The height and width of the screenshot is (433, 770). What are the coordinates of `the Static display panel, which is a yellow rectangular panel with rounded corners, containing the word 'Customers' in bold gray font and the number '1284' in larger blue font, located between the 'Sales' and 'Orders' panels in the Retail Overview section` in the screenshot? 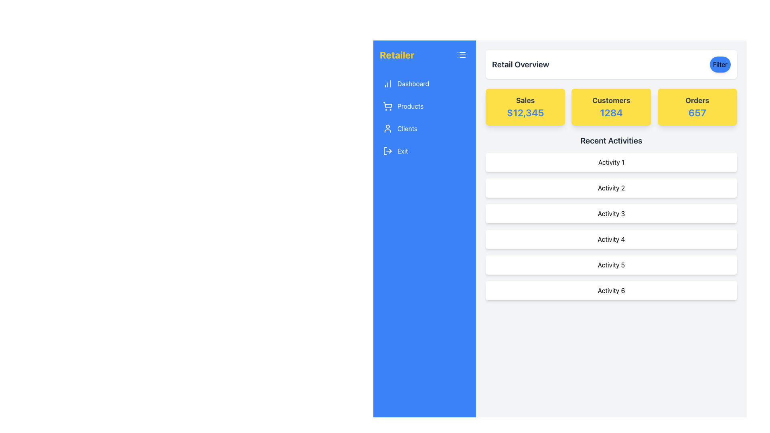 It's located at (611, 106).